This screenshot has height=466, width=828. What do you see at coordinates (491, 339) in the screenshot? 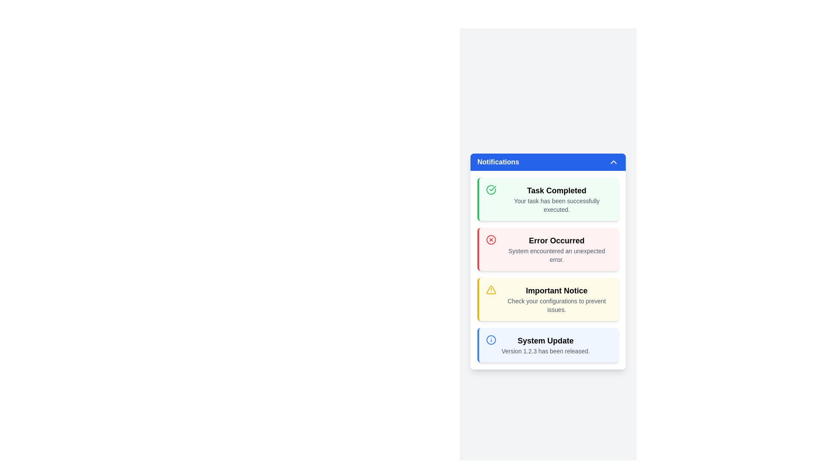
I see `the circular information icon with a blue stroke and filled blue dot, located in the top-left corner of the 'System Update' notification card` at bounding box center [491, 339].